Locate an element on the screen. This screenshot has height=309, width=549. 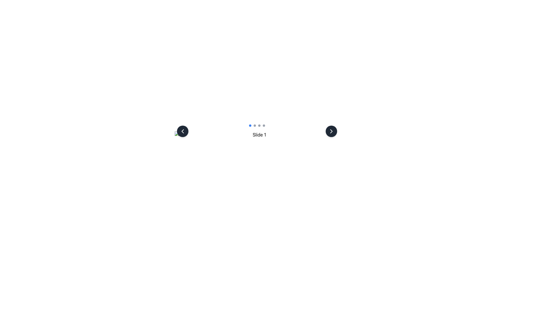
the right-facing navigation icon located within the circular navigation button on the rightmost side of the interface, which facilitates moving to the next slide or page is located at coordinates (331, 131).